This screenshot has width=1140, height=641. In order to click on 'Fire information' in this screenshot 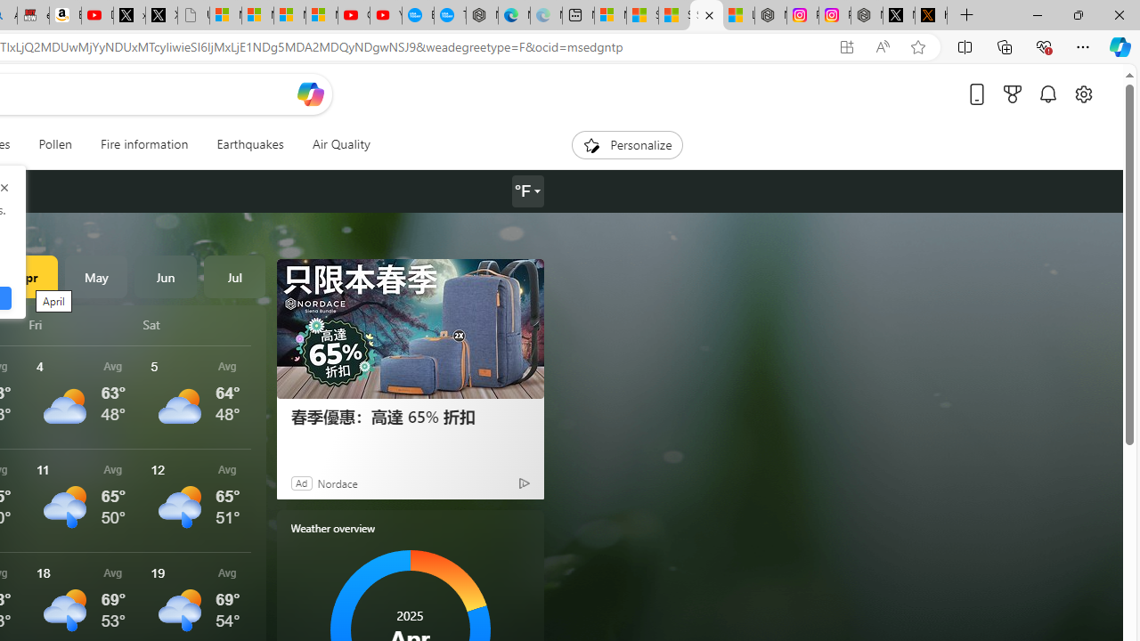, I will do `click(143, 144)`.